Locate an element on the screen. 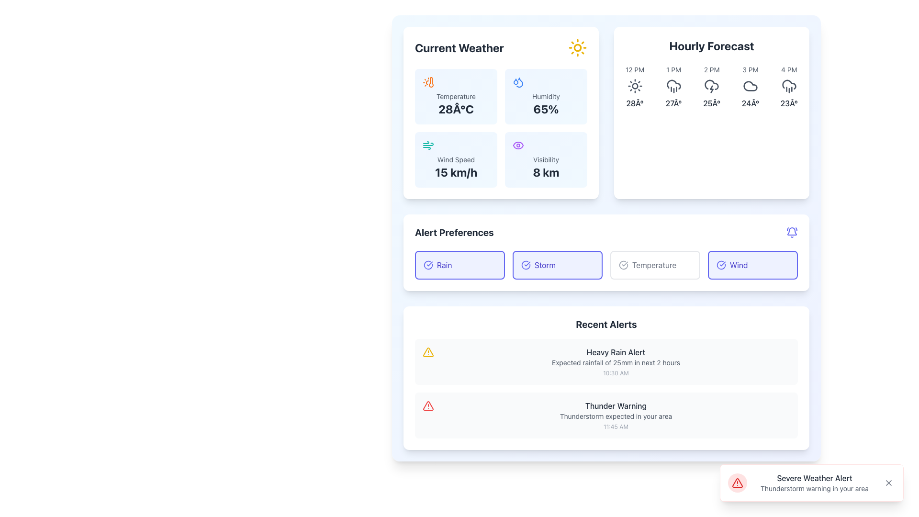  the text label that reads 'Thunderstorm warning in your area', which is styled in gray and located in the lower section of the alert dialog box is located at coordinates (814, 489).